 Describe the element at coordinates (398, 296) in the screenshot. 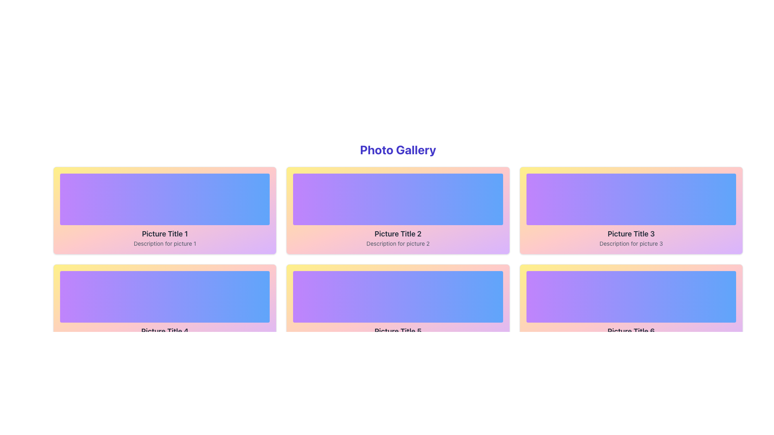

I see `the decorative background area with a smooth gradient transitioning from purple to blue, located in the middle row, second from the left in a three-column grid layout` at that location.